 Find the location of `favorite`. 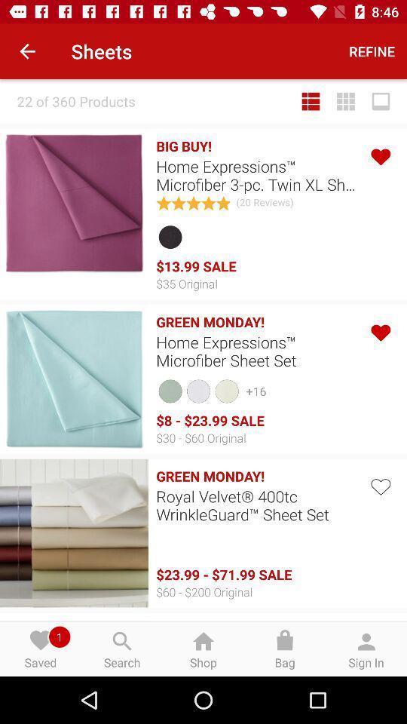

favorite is located at coordinates (379, 155).